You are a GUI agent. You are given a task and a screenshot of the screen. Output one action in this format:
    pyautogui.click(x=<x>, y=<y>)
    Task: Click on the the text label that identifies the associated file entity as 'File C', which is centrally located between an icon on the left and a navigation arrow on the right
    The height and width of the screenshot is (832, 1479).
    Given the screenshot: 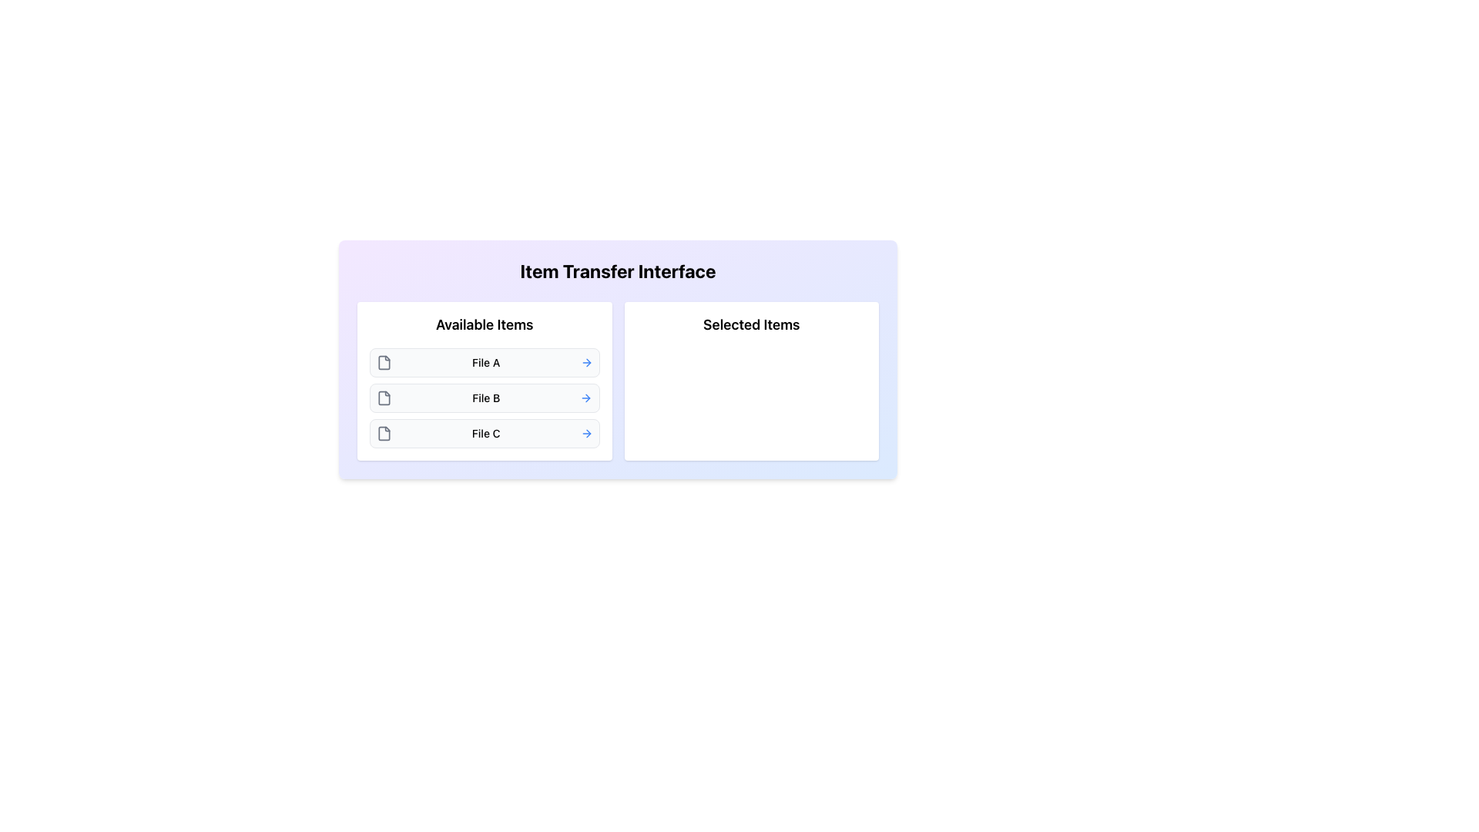 What is the action you would take?
    pyautogui.click(x=485, y=434)
    